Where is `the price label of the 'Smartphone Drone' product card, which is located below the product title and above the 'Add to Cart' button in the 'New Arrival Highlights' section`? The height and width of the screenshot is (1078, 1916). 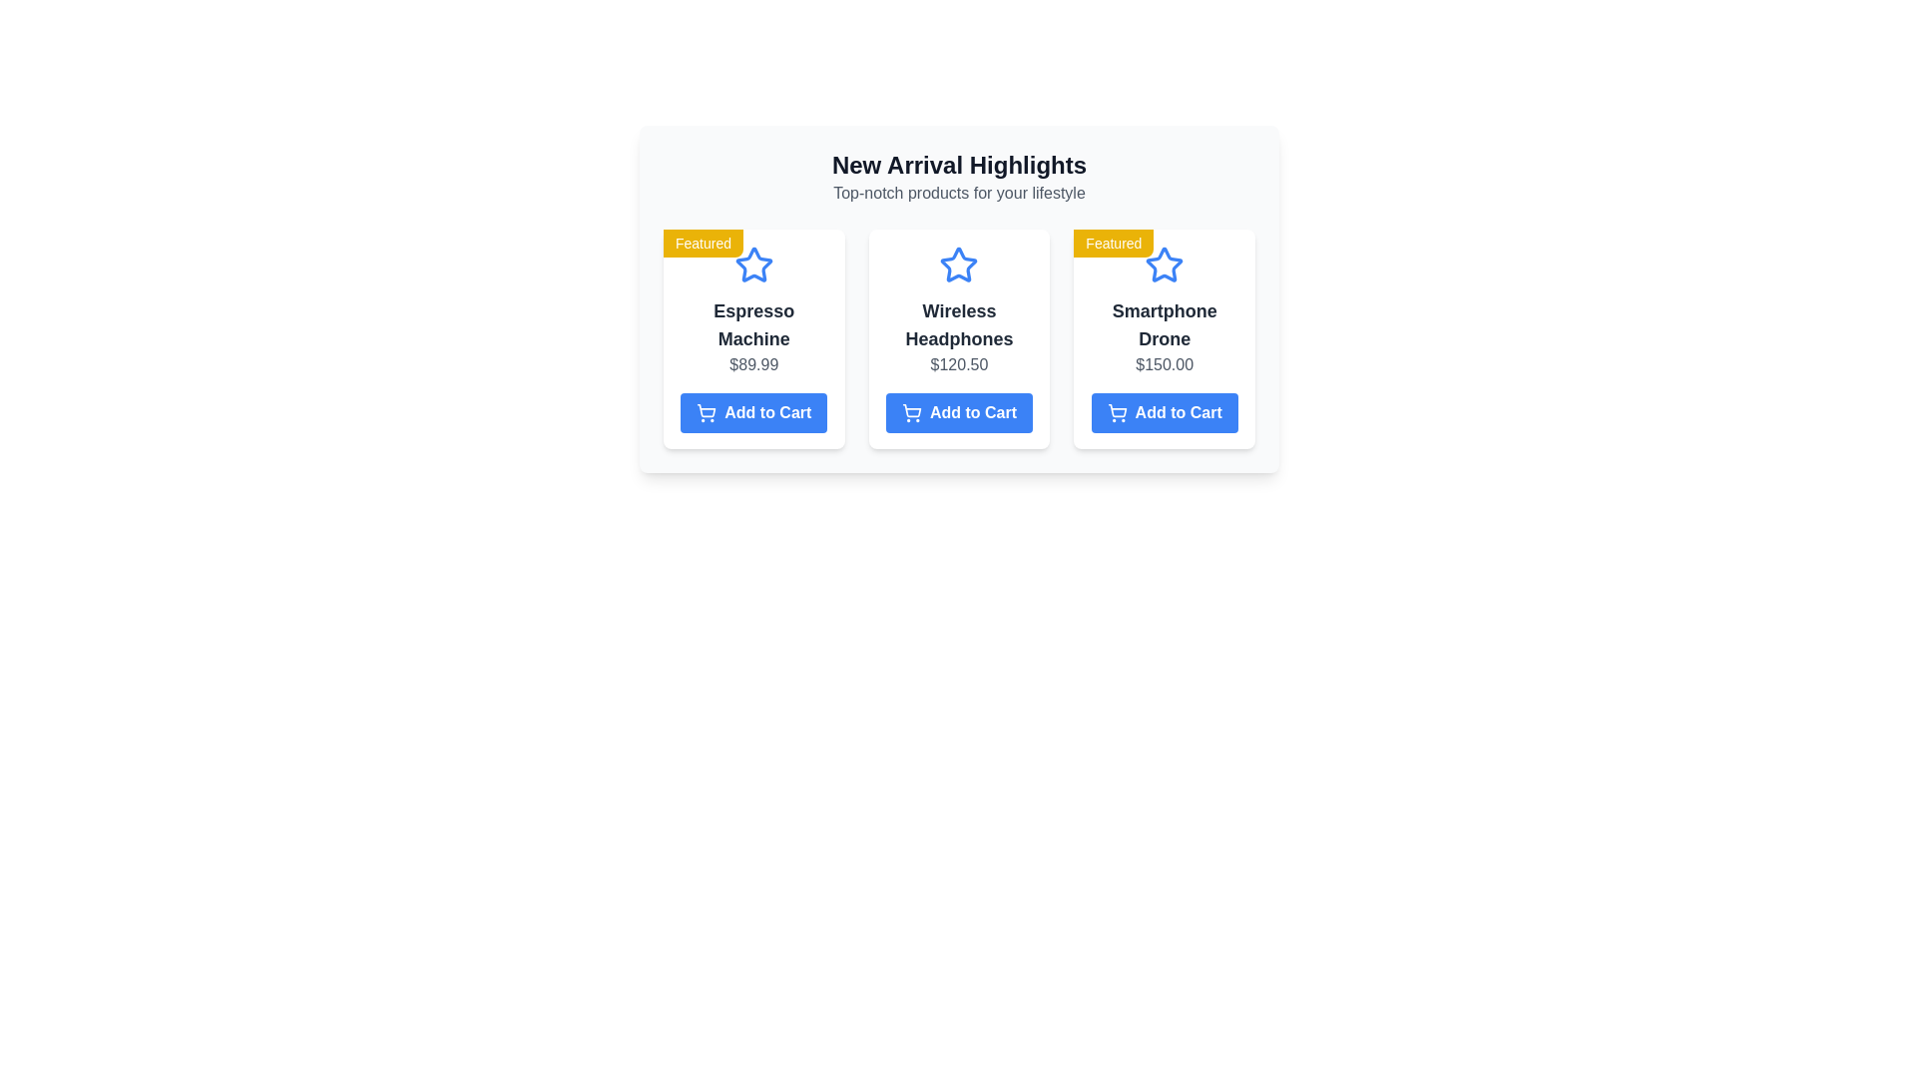 the price label of the 'Smartphone Drone' product card, which is located below the product title and above the 'Add to Cart' button in the 'New Arrival Highlights' section is located at coordinates (1165, 365).